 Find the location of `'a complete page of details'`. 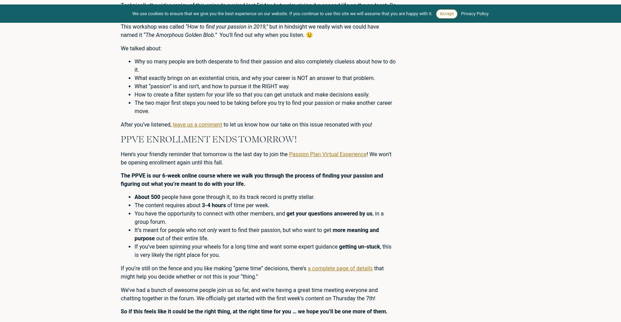

'a complete page of details' is located at coordinates (339, 268).